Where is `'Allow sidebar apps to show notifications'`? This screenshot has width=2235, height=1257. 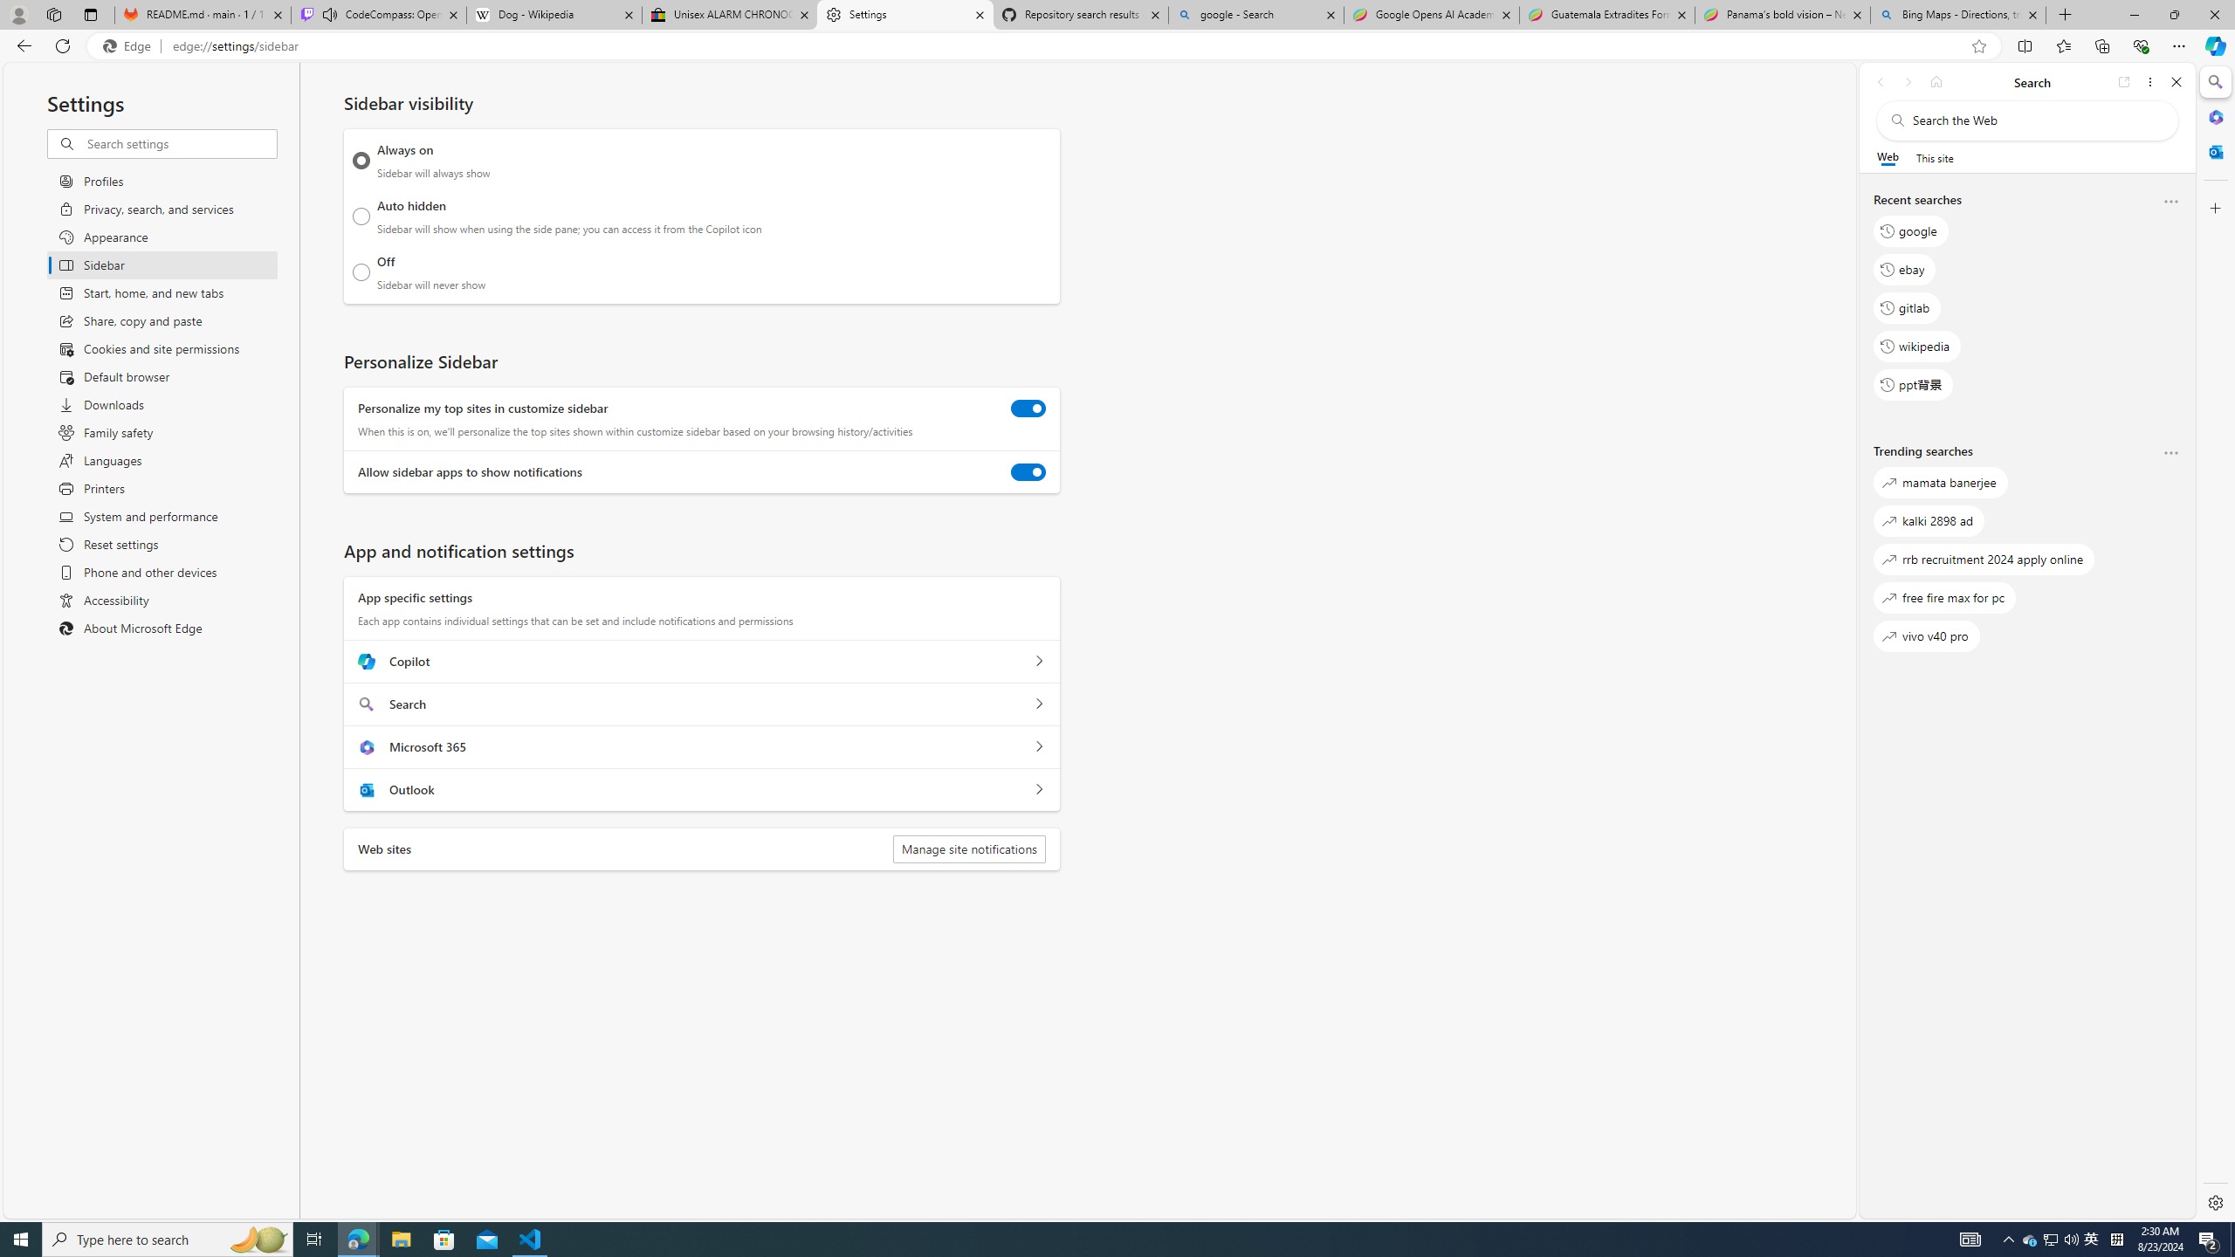 'Allow sidebar apps to show notifications' is located at coordinates (1028, 471).